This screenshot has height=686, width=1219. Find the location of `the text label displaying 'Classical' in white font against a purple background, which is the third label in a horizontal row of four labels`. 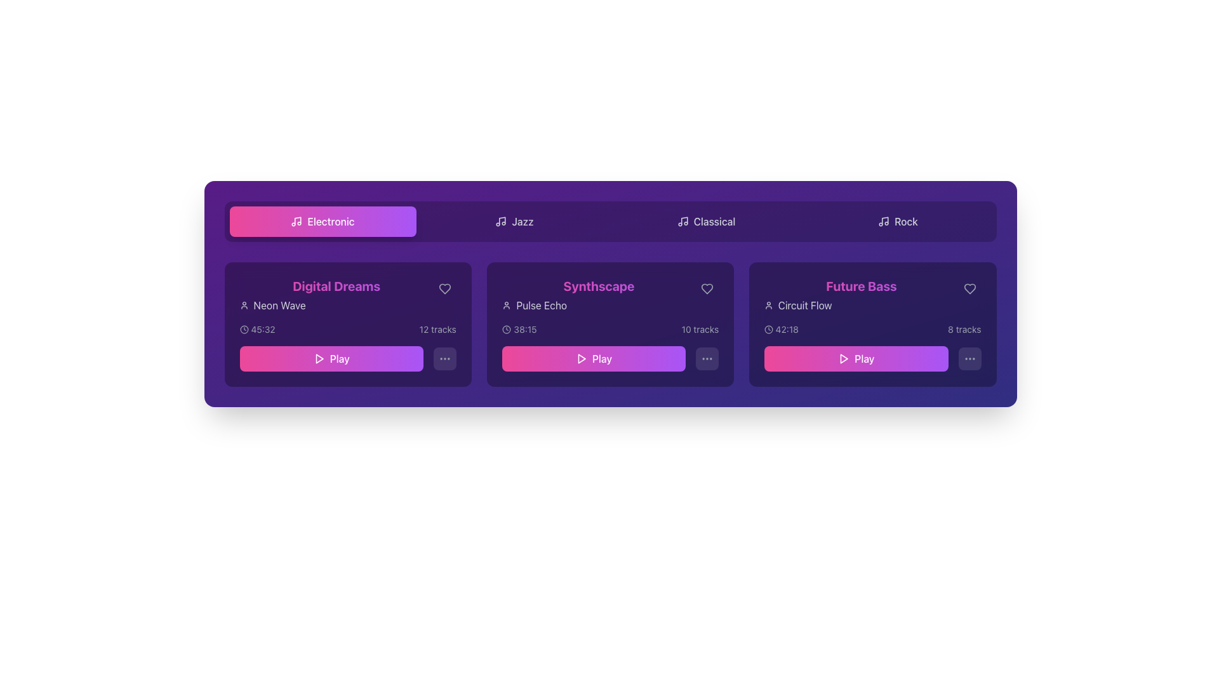

the text label displaying 'Classical' in white font against a purple background, which is the third label in a horizontal row of four labels is located at coordinates (714, 220).